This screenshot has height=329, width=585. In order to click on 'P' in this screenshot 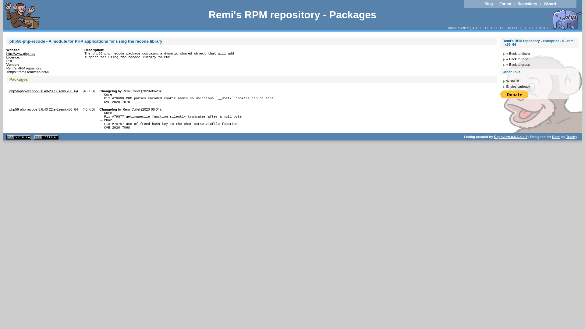, I will do `click(517, 28)`.